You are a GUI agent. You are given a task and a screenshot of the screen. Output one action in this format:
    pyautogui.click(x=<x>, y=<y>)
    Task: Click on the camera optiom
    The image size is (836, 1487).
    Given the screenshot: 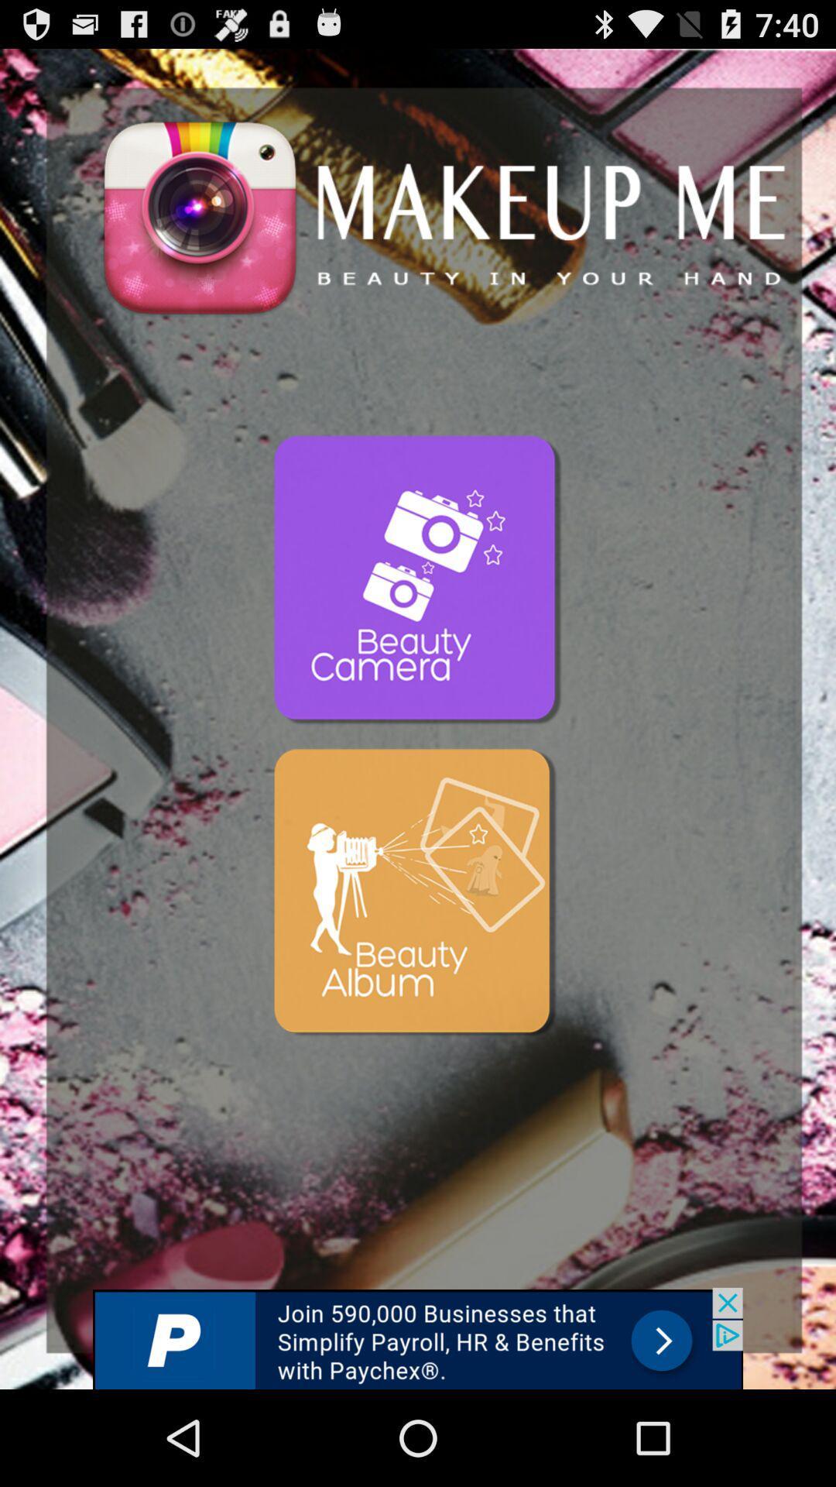 What is the action you would take?
    pyautogui.click(x=418, y=580)
    